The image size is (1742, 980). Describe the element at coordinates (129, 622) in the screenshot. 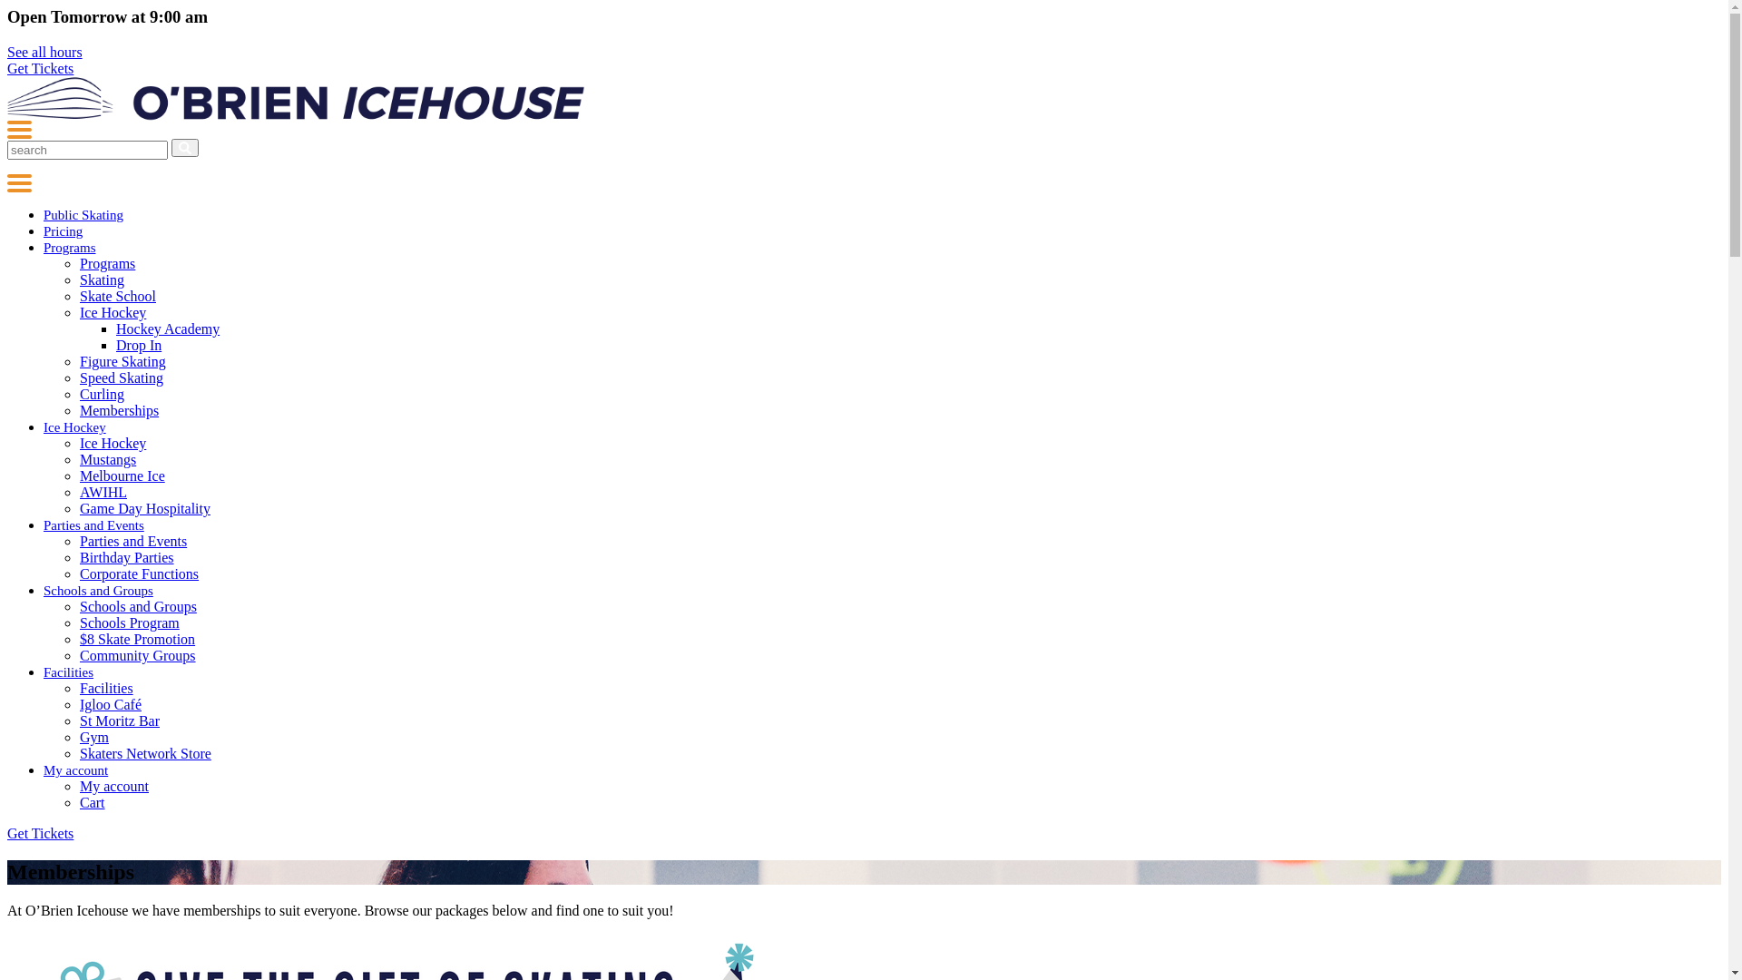

I see `'Schools Program'` at that location.